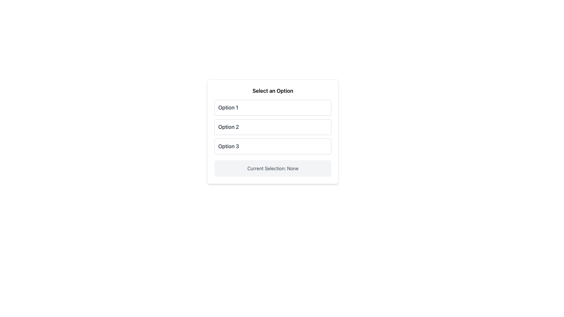  Describe the element at coordinates (273, 146) in the screenshot. I see `the 'Option 3' button, which is the third button in a vertical list of three similar buttons` at that location.